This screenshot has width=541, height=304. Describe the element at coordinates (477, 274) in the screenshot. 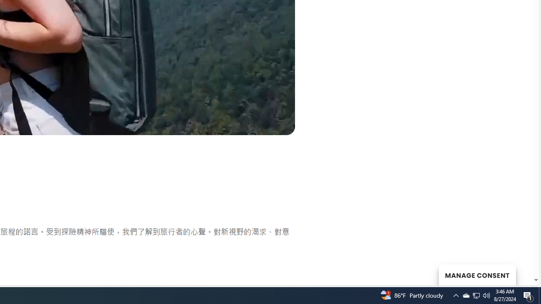

I see `'MANAGE CONSENT'` at that location.